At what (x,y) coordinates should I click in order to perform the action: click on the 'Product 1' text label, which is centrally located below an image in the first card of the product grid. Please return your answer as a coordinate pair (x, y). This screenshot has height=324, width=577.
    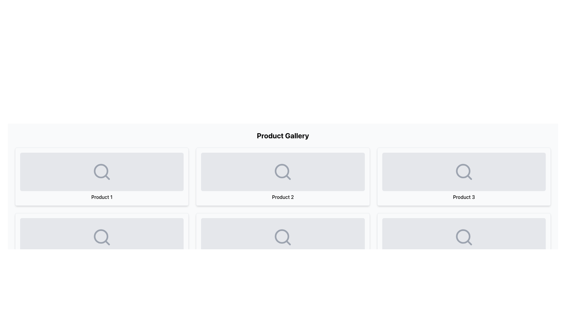
    Looking at the image, I should click on (102, 197).